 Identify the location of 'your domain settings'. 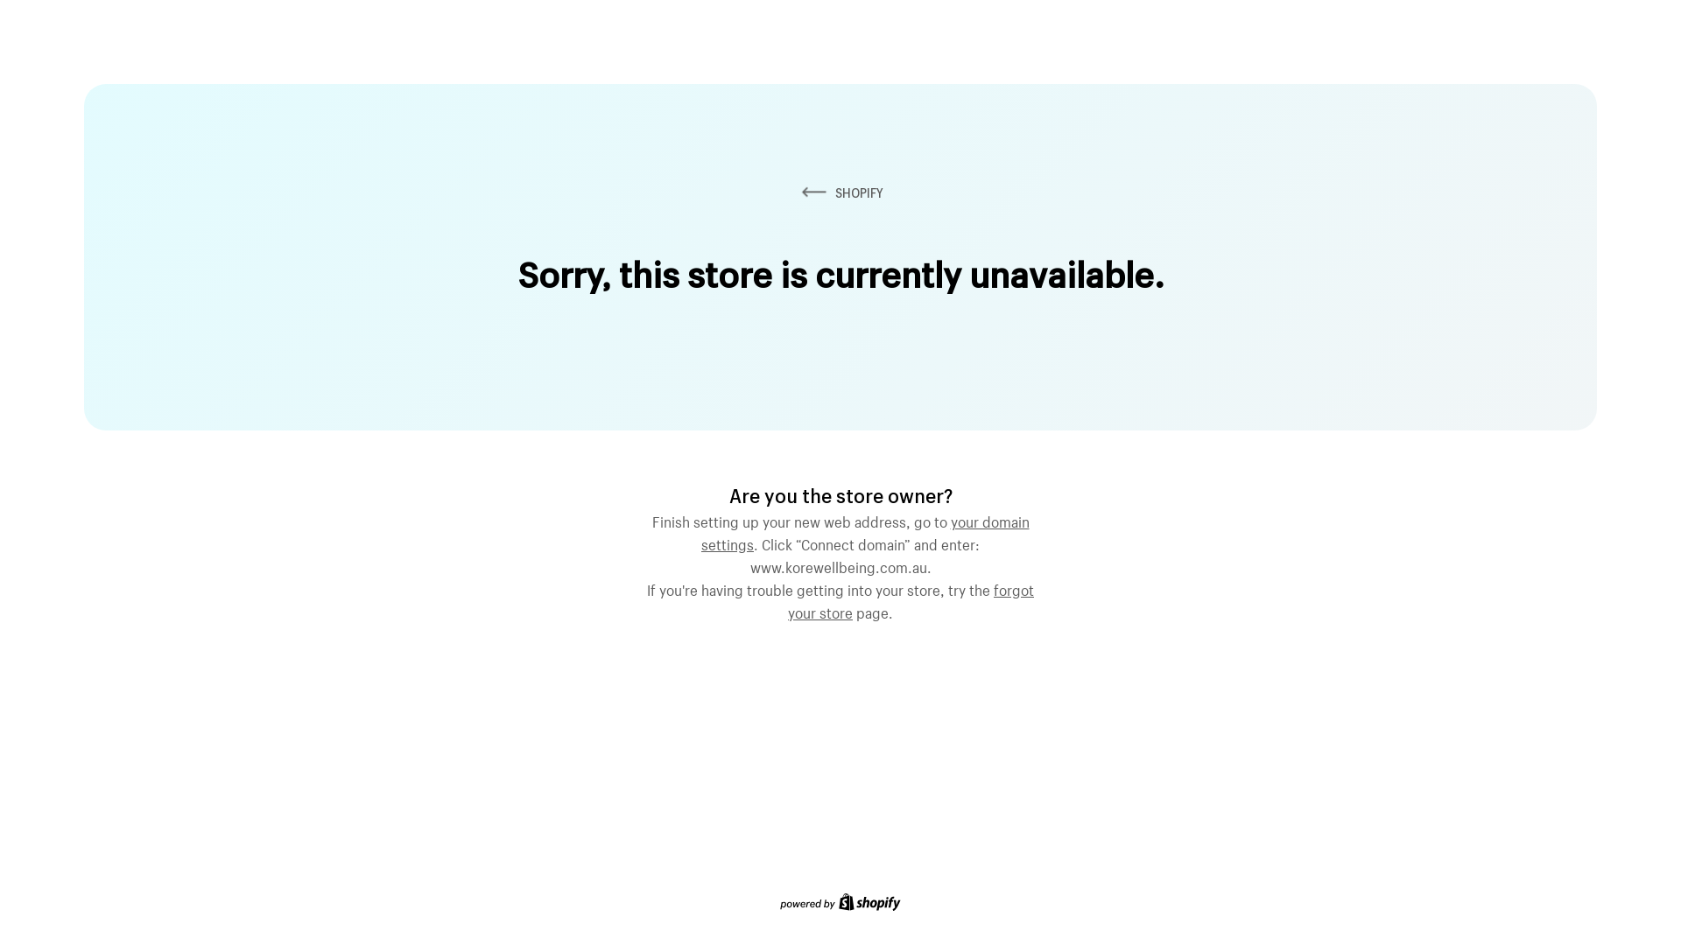
(865, 529).